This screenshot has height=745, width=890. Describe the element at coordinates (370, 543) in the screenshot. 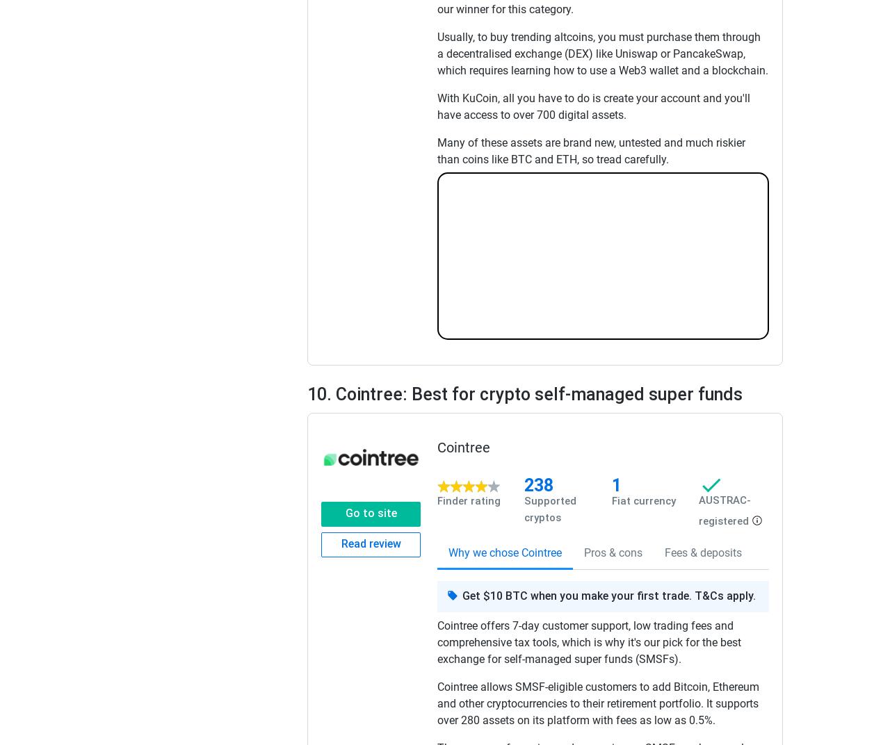

I see `'Read review'` at that location.